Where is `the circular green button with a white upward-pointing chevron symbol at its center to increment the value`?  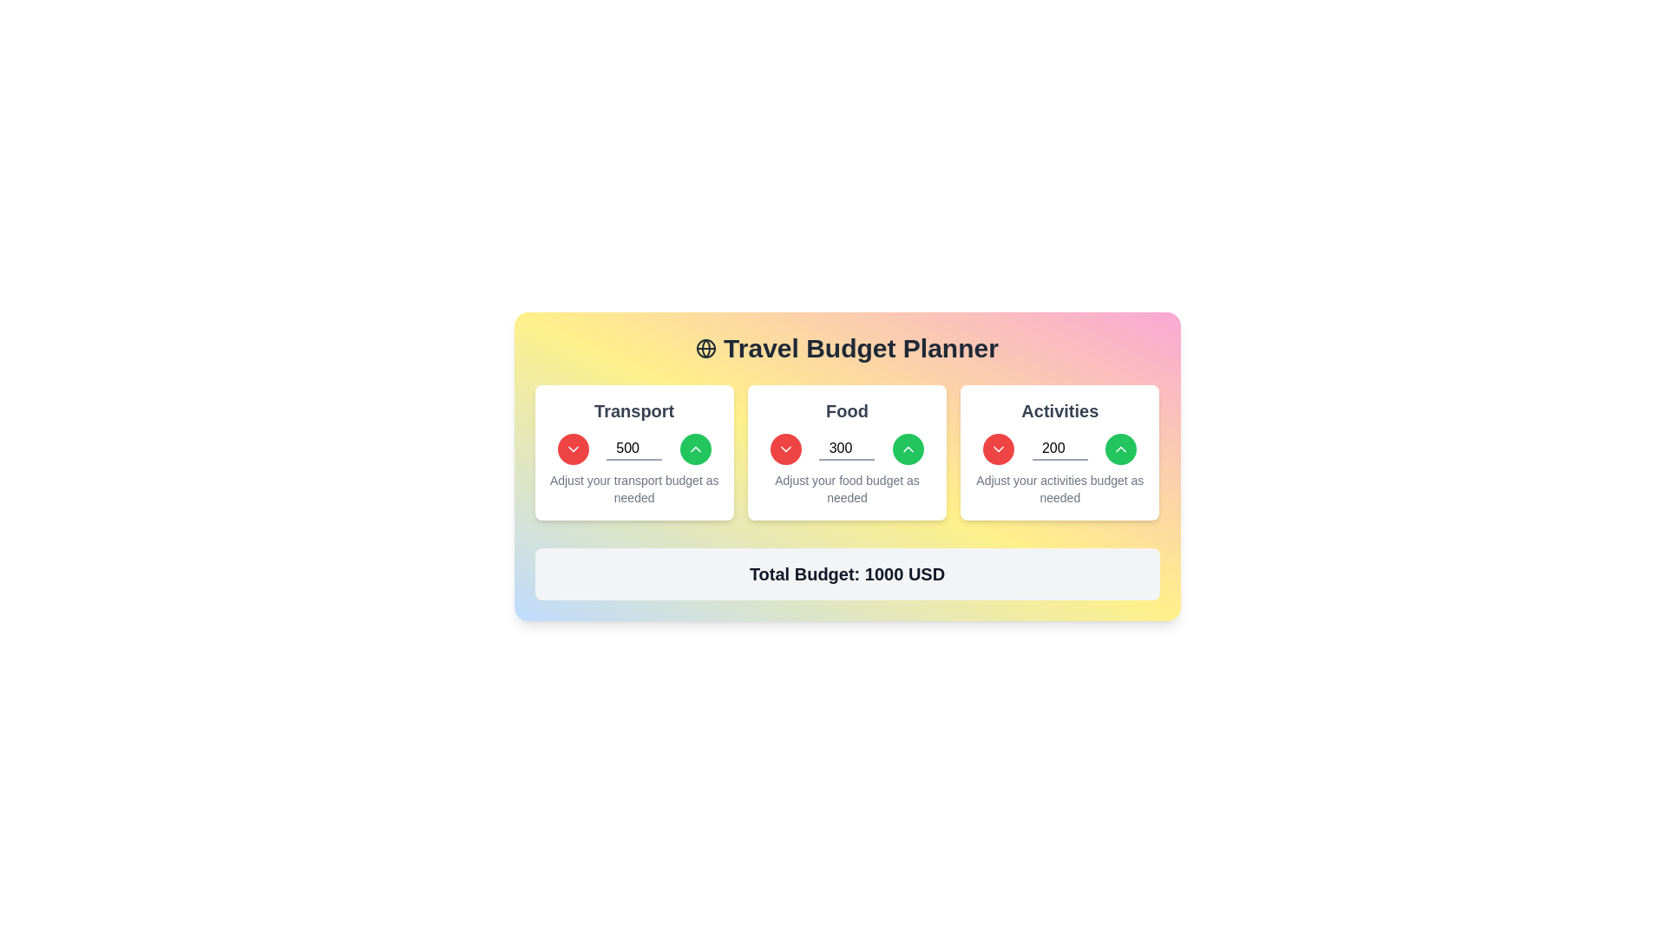
the circular green button with a white upward-pointing chevron symbol at its center to increment the value is located at coordinates (695, 448).